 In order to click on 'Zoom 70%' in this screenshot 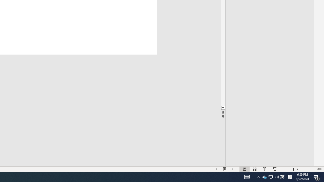, I will do `click(319, 169)`.